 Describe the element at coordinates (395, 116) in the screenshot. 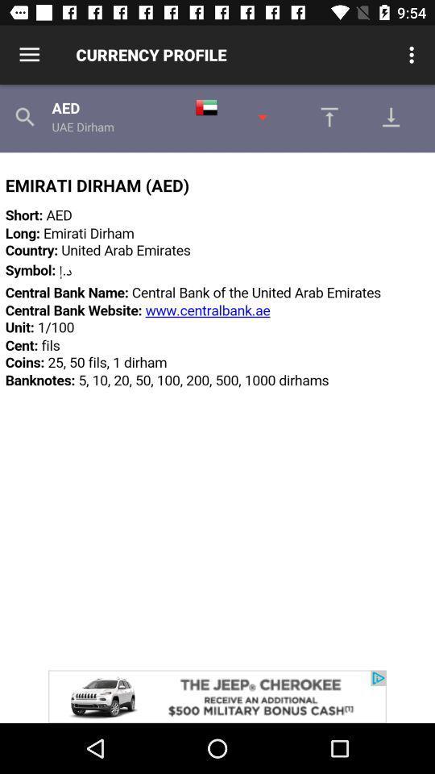

I see `download` at that location.